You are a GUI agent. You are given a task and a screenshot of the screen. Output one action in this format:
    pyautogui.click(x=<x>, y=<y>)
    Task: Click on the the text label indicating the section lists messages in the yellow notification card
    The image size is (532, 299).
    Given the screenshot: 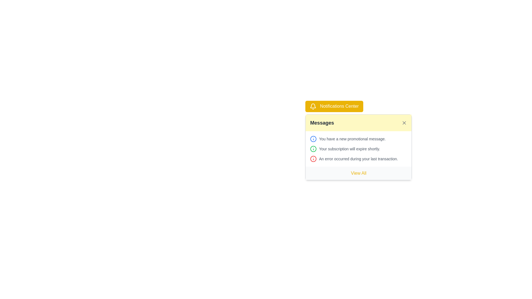 What is the action you would take?
    pyautogui.click(x=322, y=122)
    